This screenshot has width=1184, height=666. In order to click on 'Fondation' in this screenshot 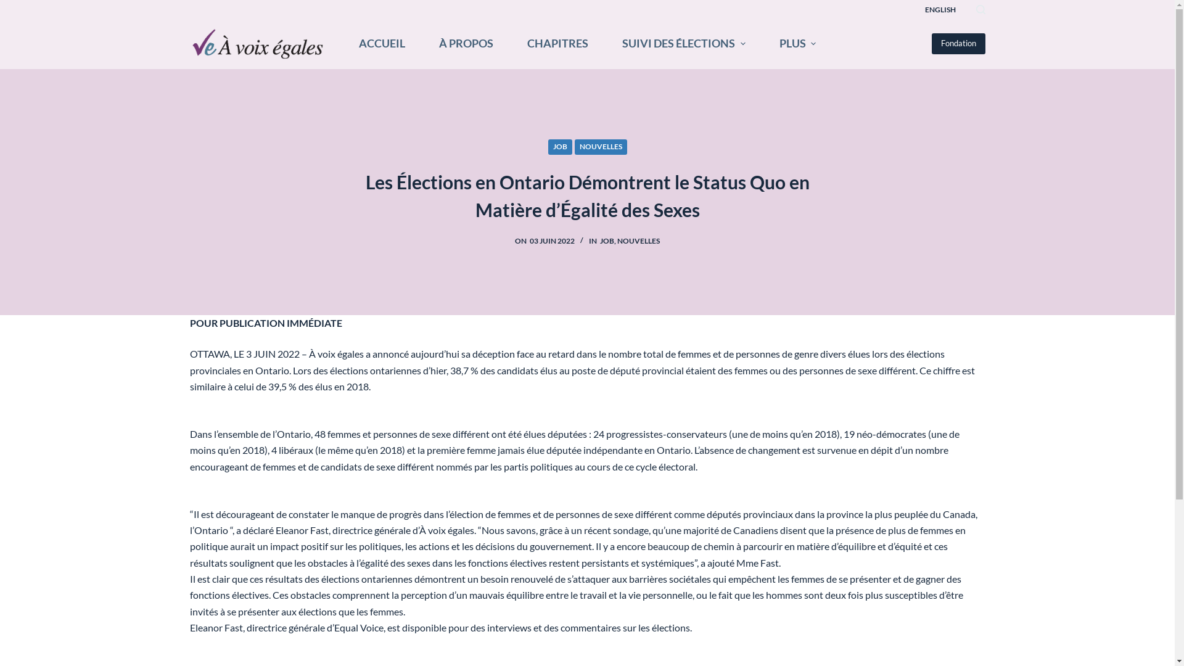, I will do `click(957, 43)`.